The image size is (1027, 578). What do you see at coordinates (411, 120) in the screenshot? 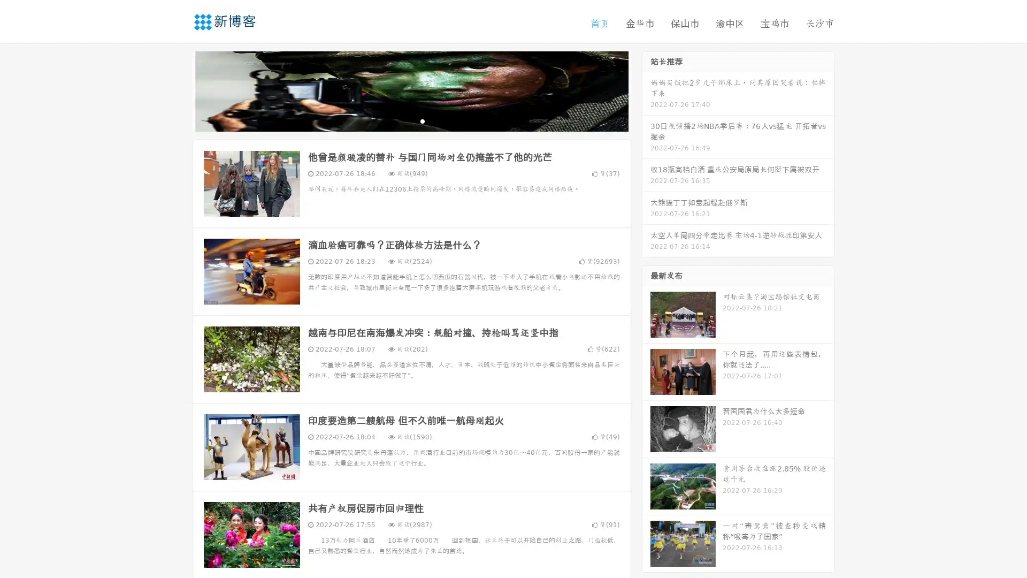
I see `Go to slide 2` at bounding box center [411, 120].